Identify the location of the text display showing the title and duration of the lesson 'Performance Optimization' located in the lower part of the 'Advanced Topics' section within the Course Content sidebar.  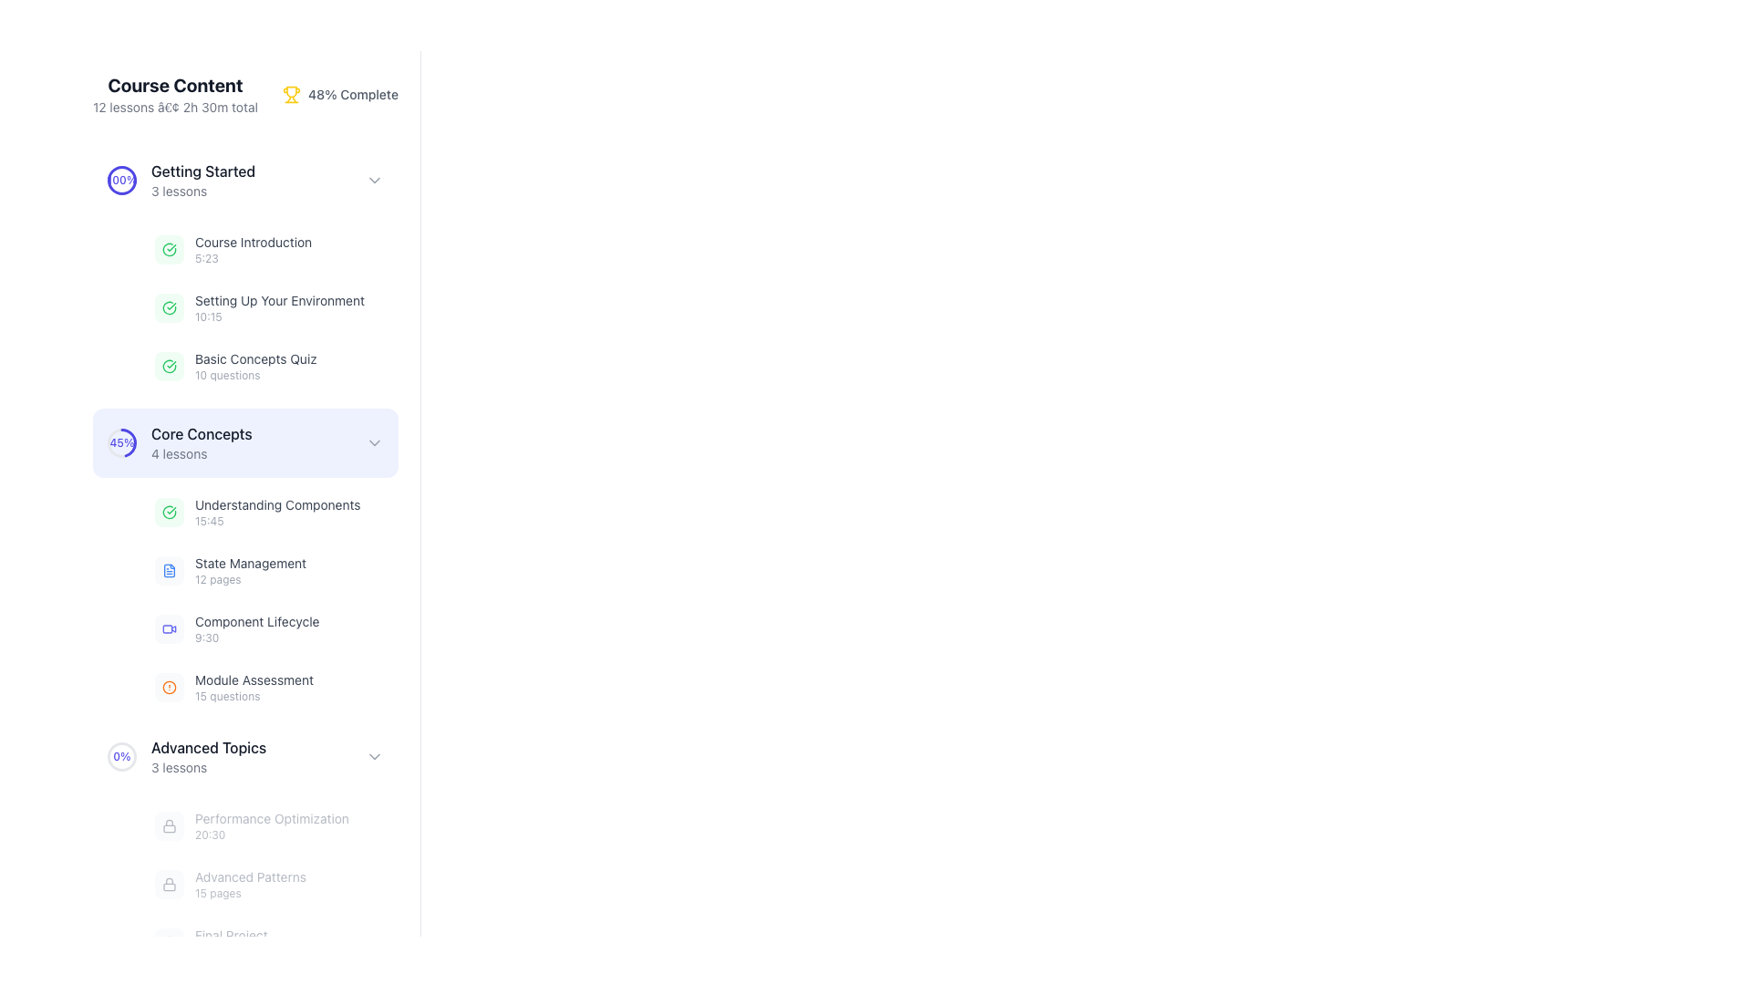
(271, 826).